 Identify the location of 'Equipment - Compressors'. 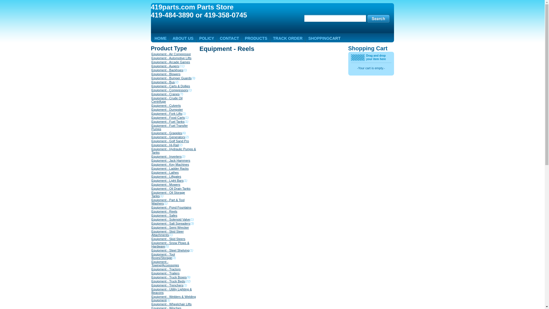
(170, 90).